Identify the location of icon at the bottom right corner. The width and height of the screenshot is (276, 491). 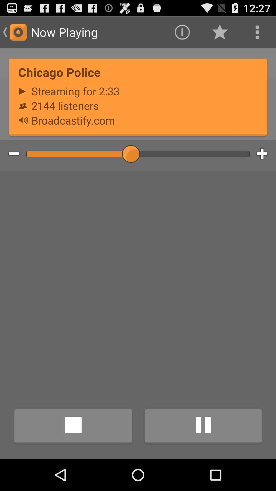
(203, 427).